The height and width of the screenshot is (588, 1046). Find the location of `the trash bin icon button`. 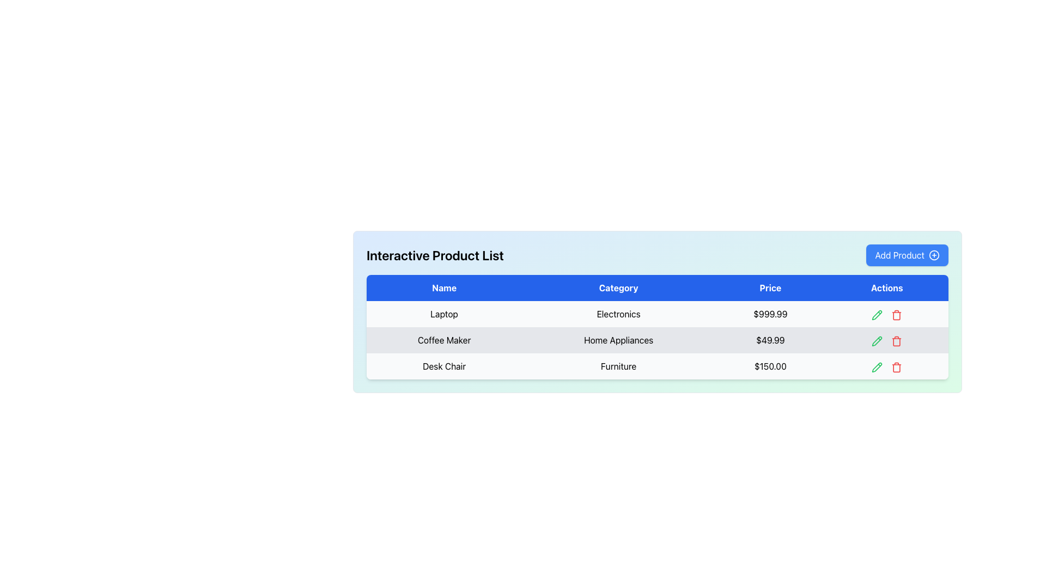

the trash bin icon button is located at coordinates (897, 340).